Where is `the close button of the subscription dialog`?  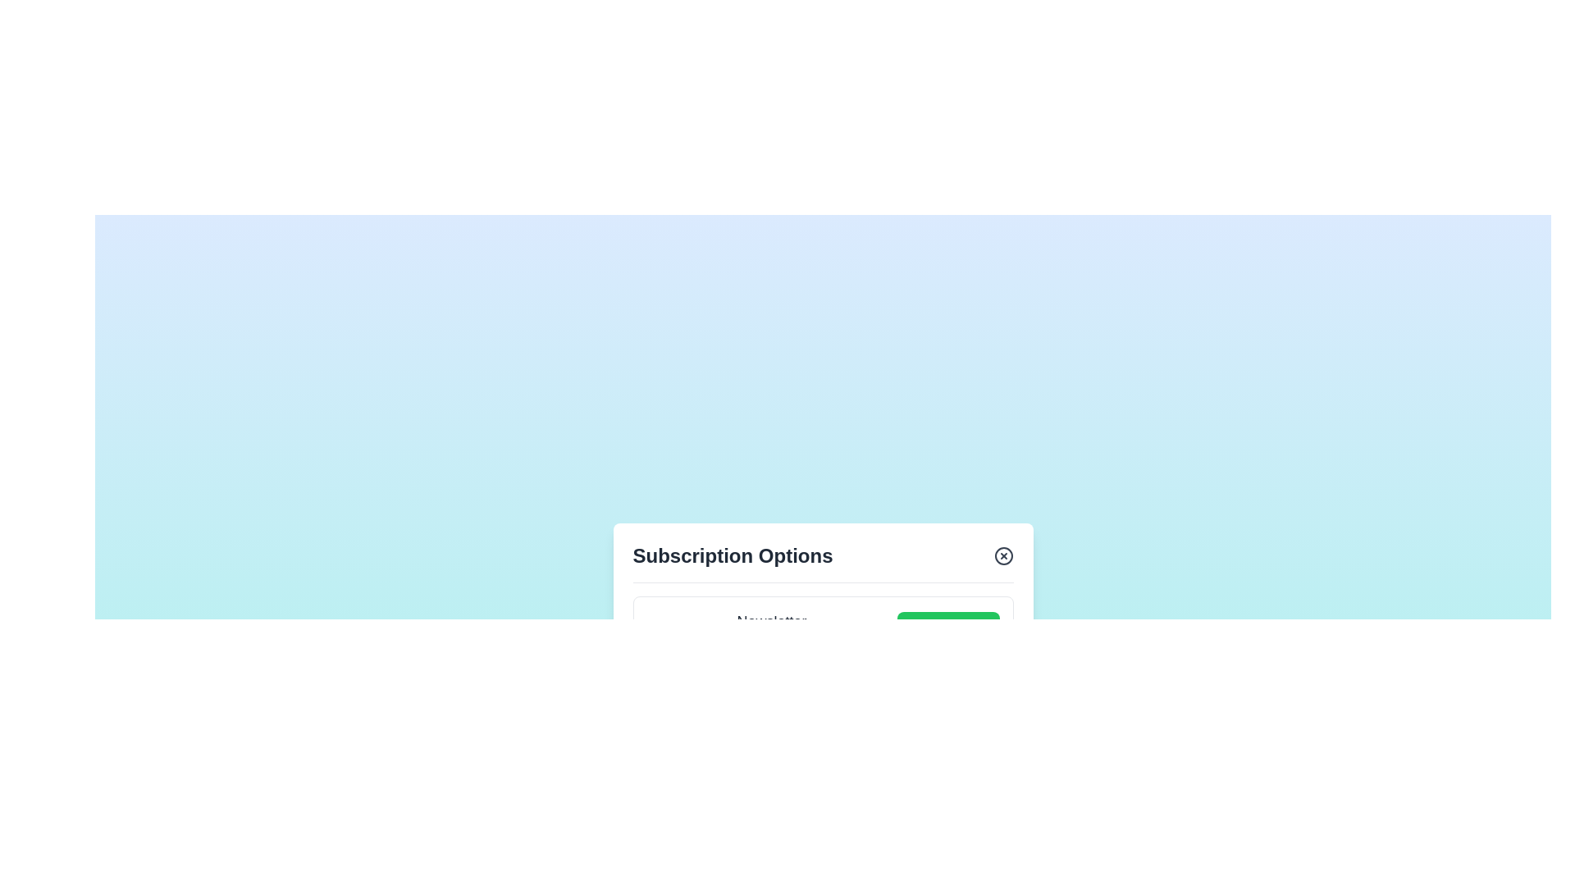
the close button of the subscription dialog is located at coordinates (1002, 555).